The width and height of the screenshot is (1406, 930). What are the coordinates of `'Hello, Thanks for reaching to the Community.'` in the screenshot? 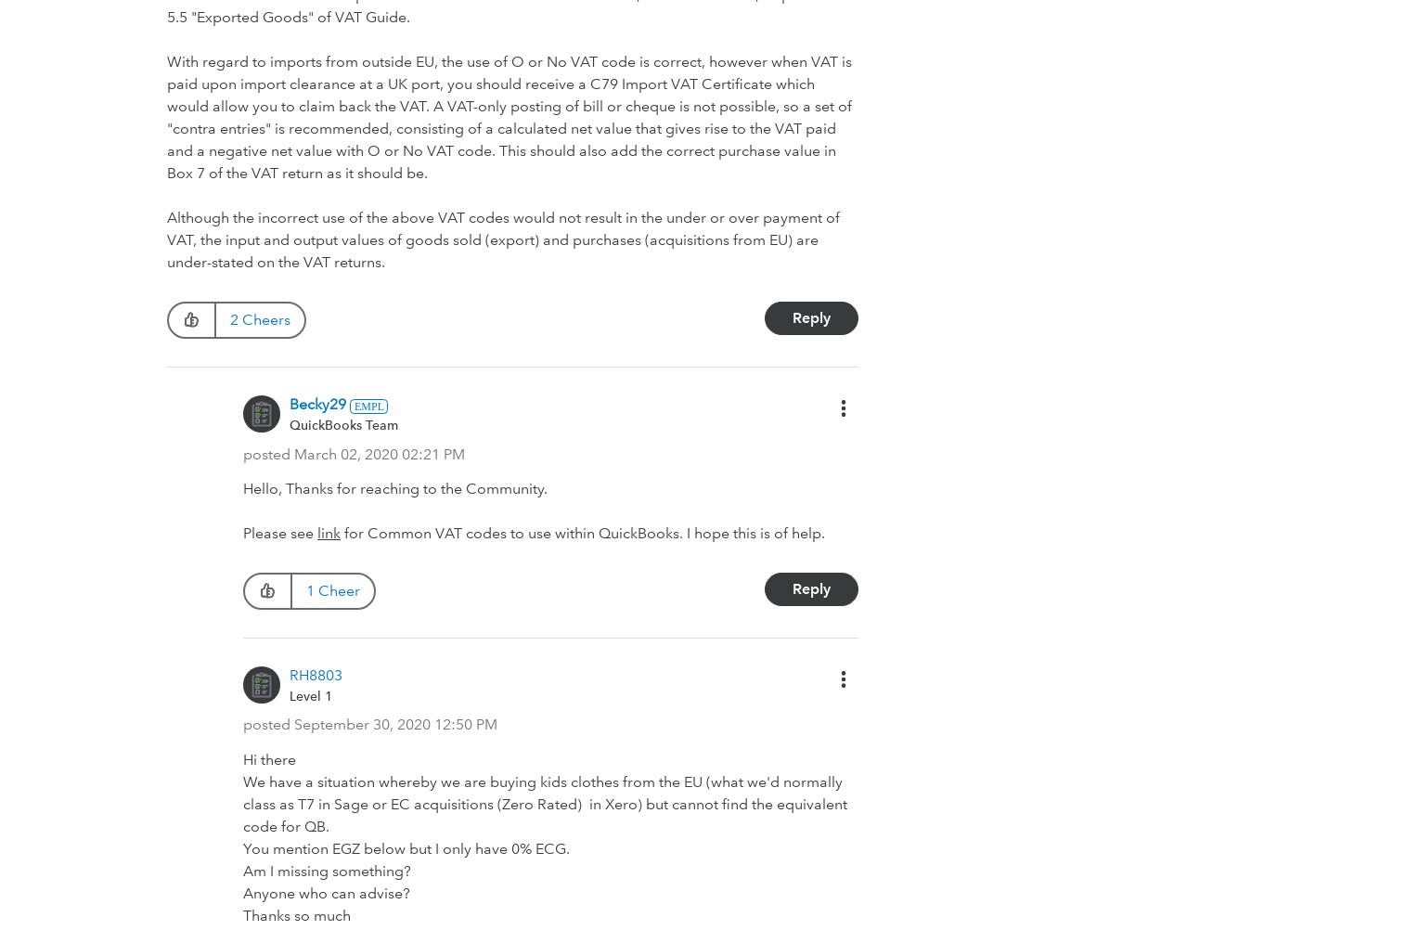 It's located at (395, 488).